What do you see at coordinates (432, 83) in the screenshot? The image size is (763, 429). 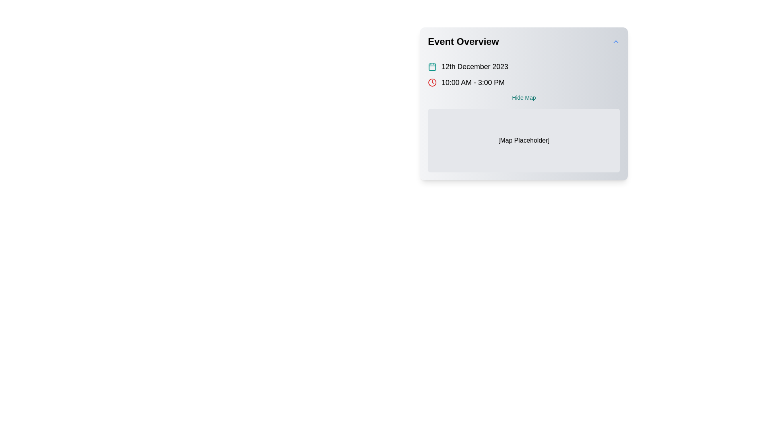 I see `the decorative time range icon located to the left of the text '10:00 AM - 3:00 PM'` at bounding box center [432, 83].